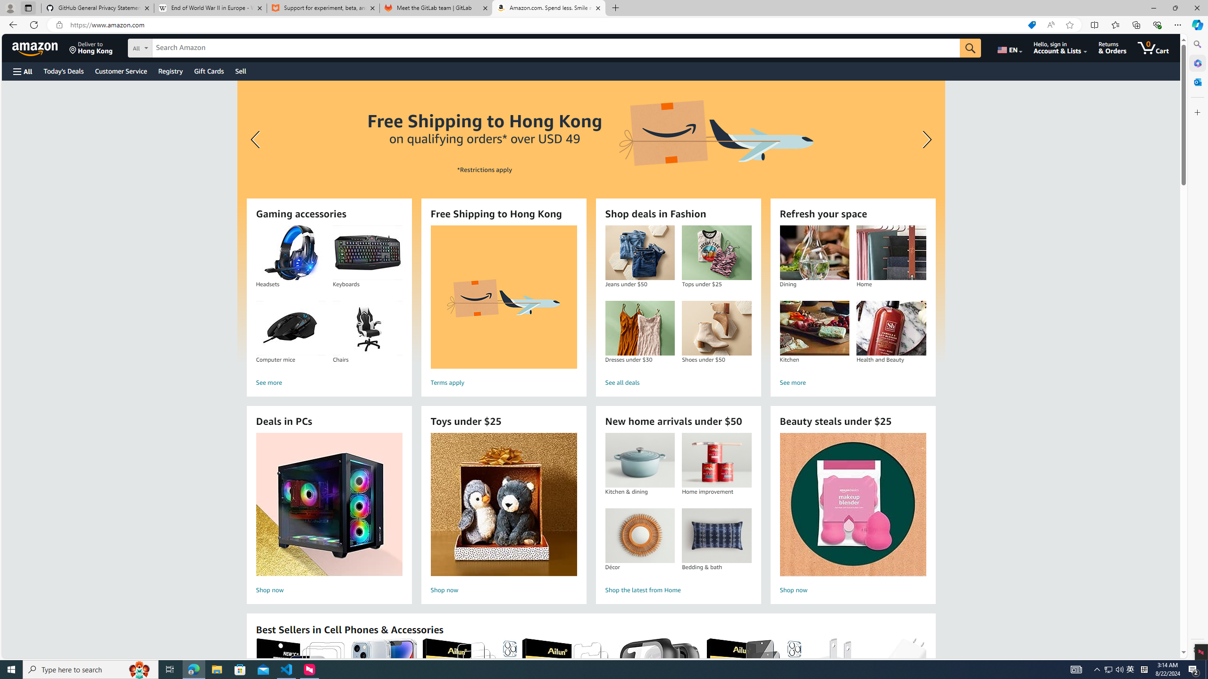  What do you see at coordinates (678, 382) in the screenshot?
I see `'See all deals'` at bounding box center [678, 382].